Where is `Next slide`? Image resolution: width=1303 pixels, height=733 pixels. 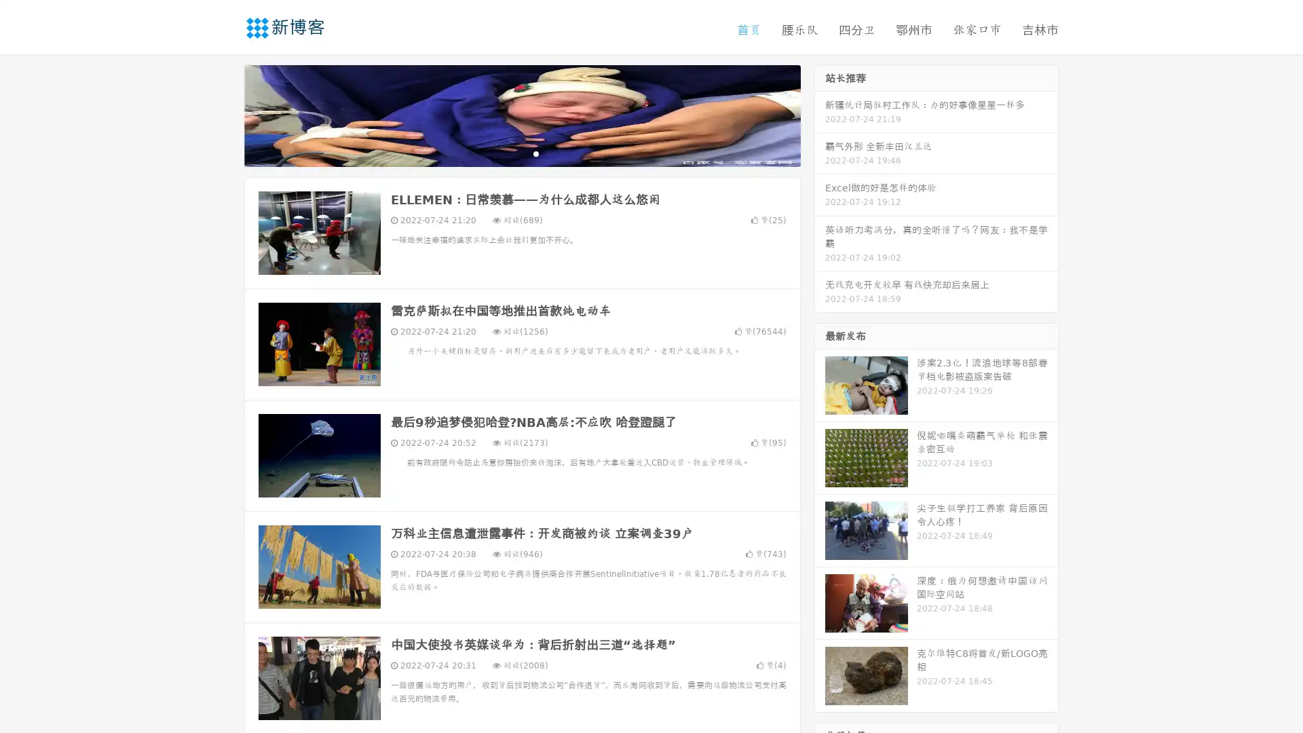 Next slide is located at coordinates (820, 114).